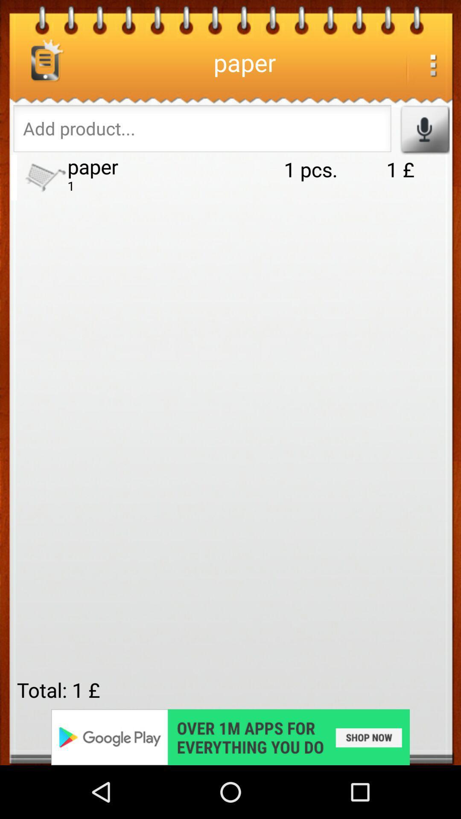 This screenshot has height=819, width=461. Describe the element at coordinates (230, 737) in the screenshot. I see `open advertisement` at that location.